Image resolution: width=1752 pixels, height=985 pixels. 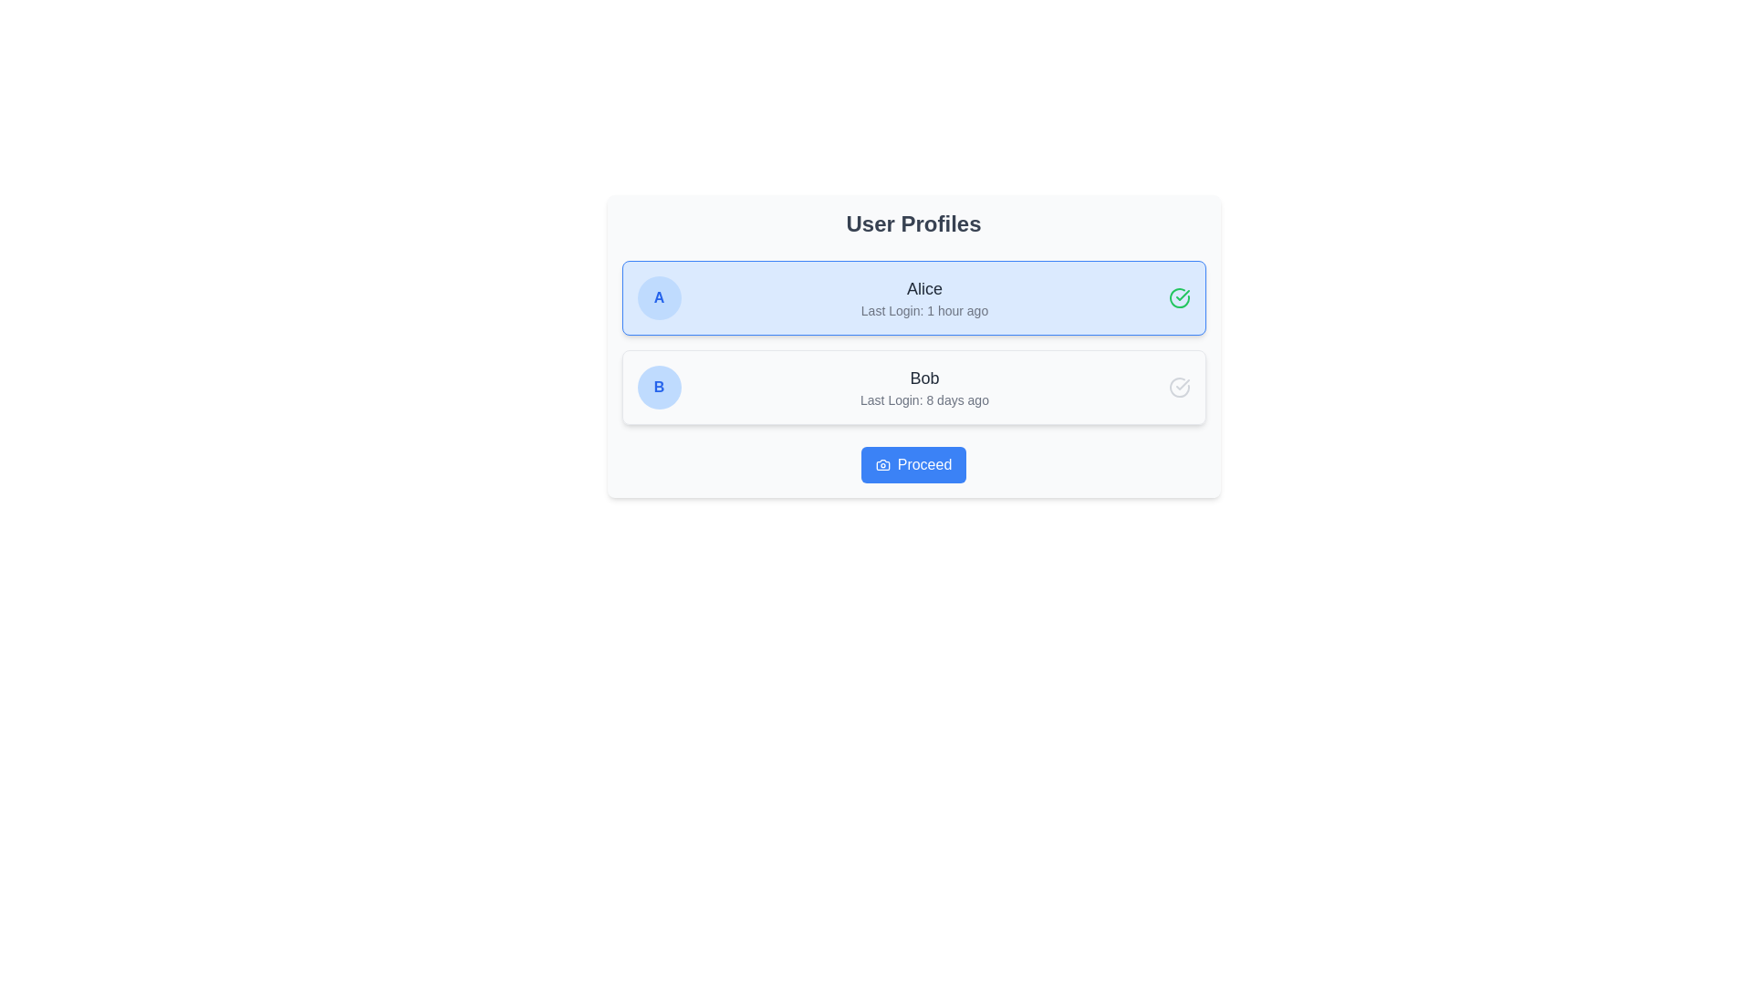 I want to click on the camera icon located to the left of the text in the 'Proceed' button at the bottom center of the interface, so click(x=882, y=463).